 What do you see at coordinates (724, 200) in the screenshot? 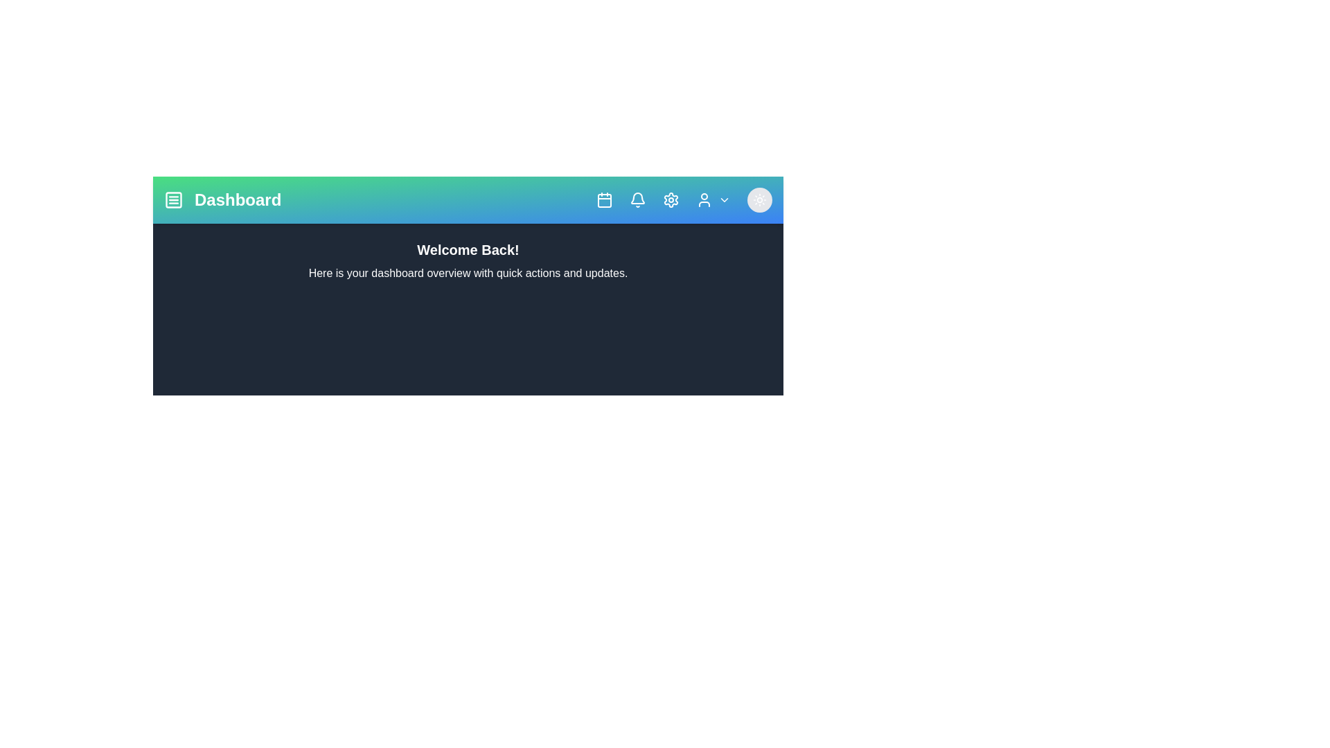
I see `the dropdown icon located in the top-right corner of the app bar` at bounding box center [724, 200].